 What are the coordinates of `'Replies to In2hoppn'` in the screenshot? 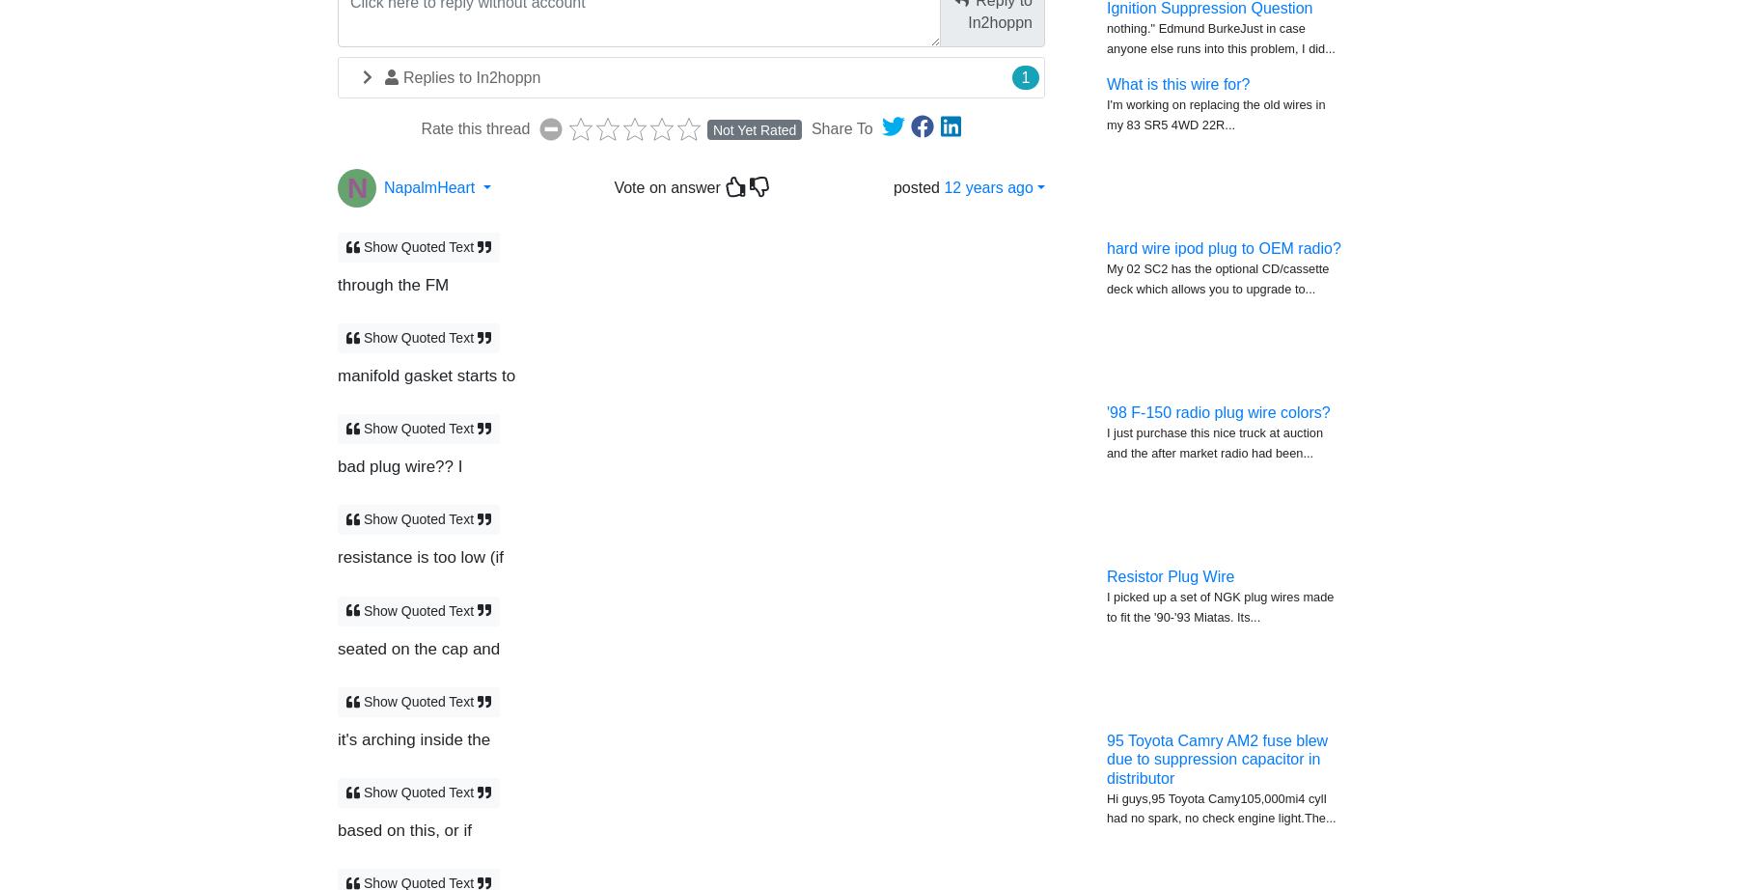 It's located at (471, 76).